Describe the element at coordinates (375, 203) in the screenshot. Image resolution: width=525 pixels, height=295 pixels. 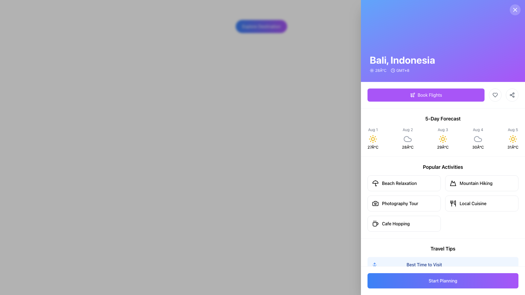
I see `the minimalist camera icon that symbolizes photography, located in the second column of the second row within the 'Popular Activities' section, near the 'Photography Tour' button` at that location.